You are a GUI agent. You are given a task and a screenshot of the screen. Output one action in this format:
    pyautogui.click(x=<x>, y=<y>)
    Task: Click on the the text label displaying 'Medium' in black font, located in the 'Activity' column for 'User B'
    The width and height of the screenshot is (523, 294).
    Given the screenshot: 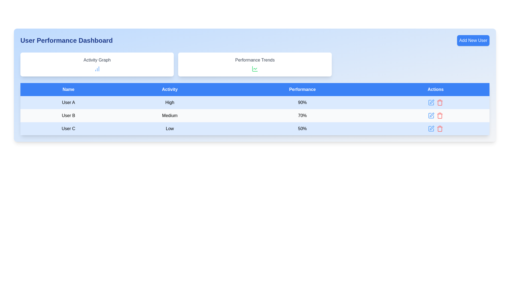 What is the action you would take?
    pyautogui.click(x=169, y=115)
    